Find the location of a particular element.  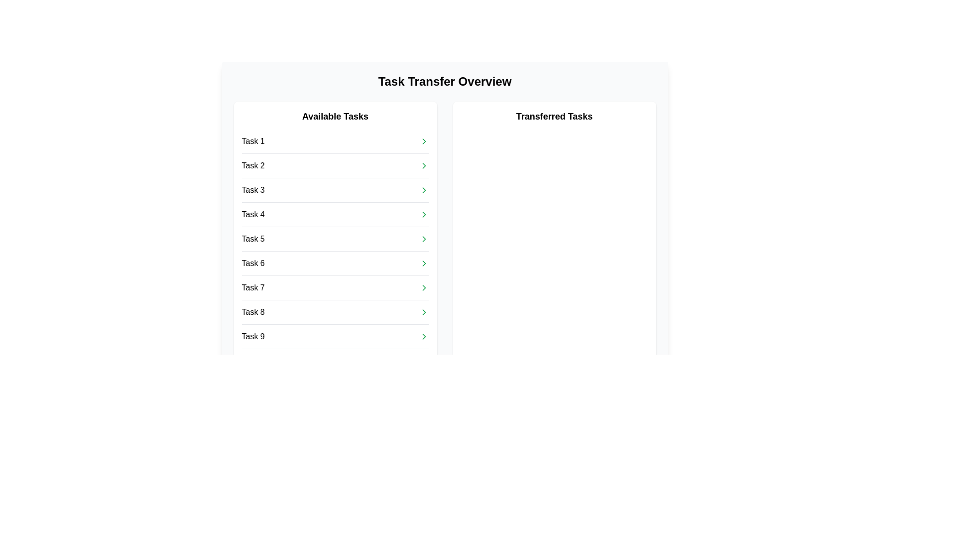

the chevron-right icon located in the 'Task 7' row under the 'Available Tasks' section, which indicates further actions related to this task is located at coordinates (424, 288).